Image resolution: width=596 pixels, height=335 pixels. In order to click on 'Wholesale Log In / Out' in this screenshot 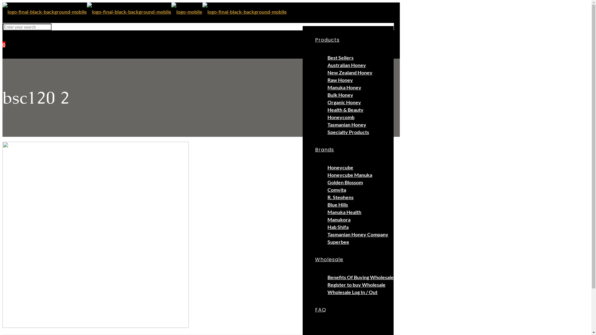, I will do `click(327, 292)`.